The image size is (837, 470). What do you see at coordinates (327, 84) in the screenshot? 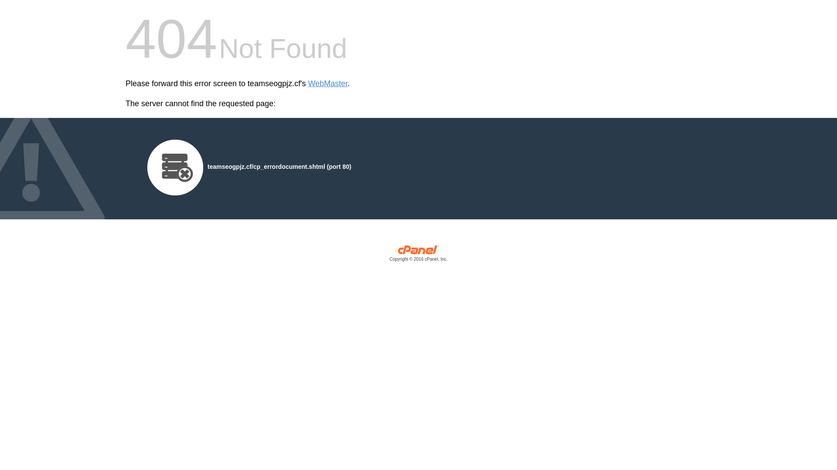
I see `'WebMaster'` at bounding box center [327, 84].